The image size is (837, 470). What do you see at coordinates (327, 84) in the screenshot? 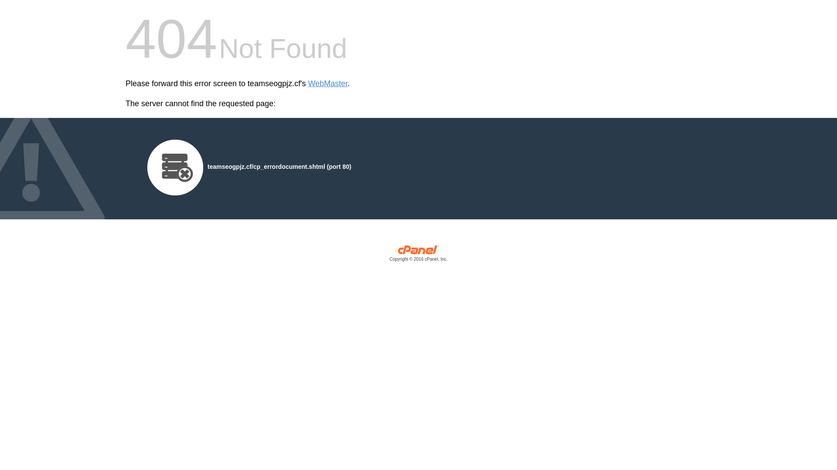
I see `'WebMaster'` at bounding box center [327, 84].